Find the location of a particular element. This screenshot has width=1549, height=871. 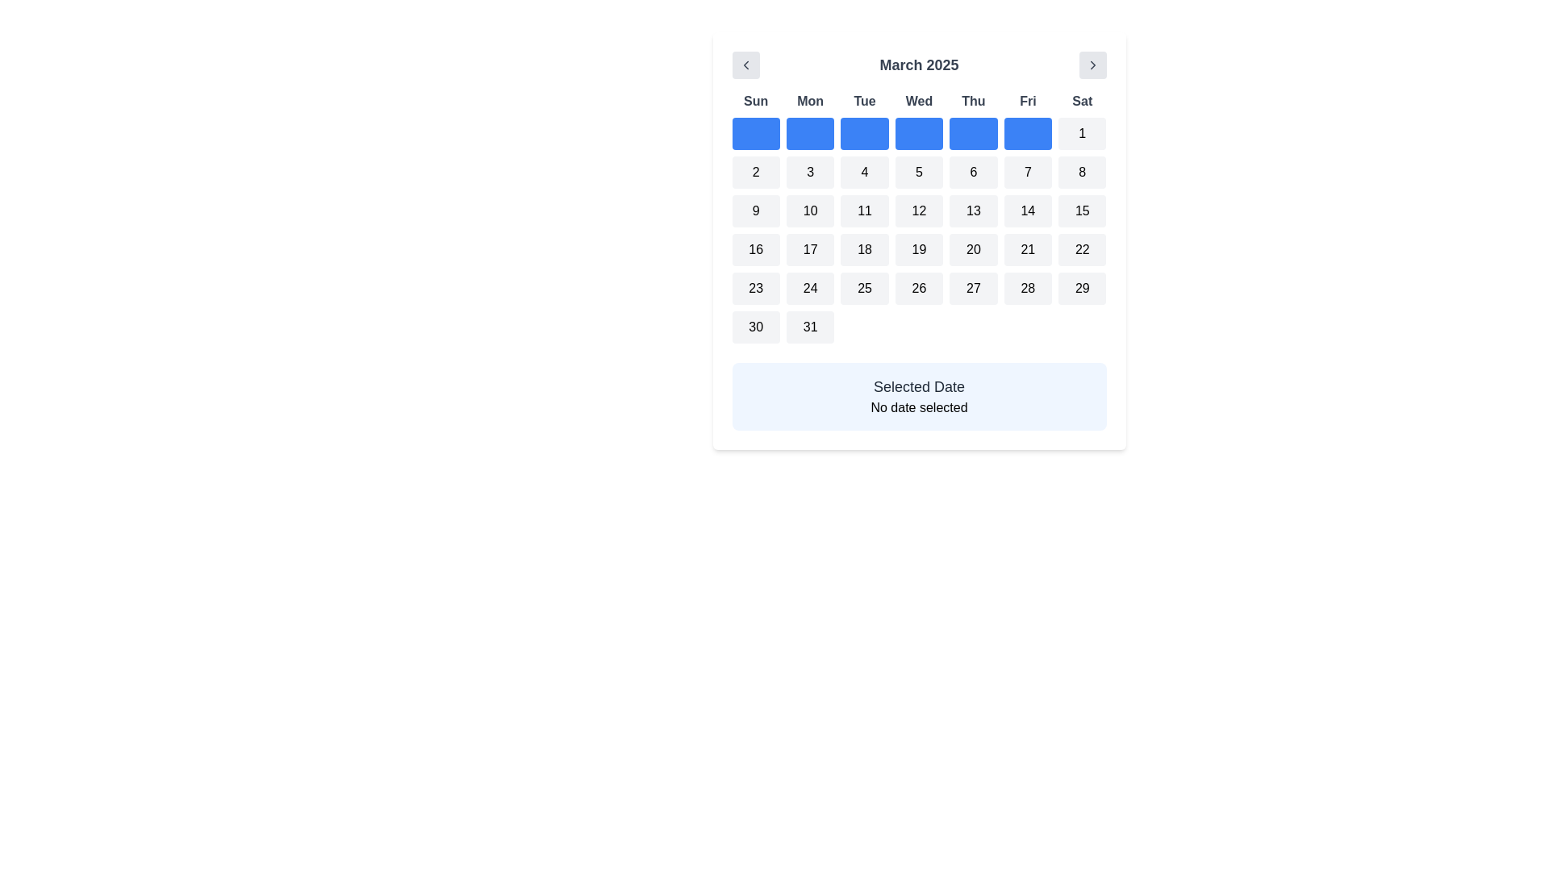

the calendar date button '29' located in the sixth row and seventh column under the 'Sat' column header is located at coordinates (1082, 288).